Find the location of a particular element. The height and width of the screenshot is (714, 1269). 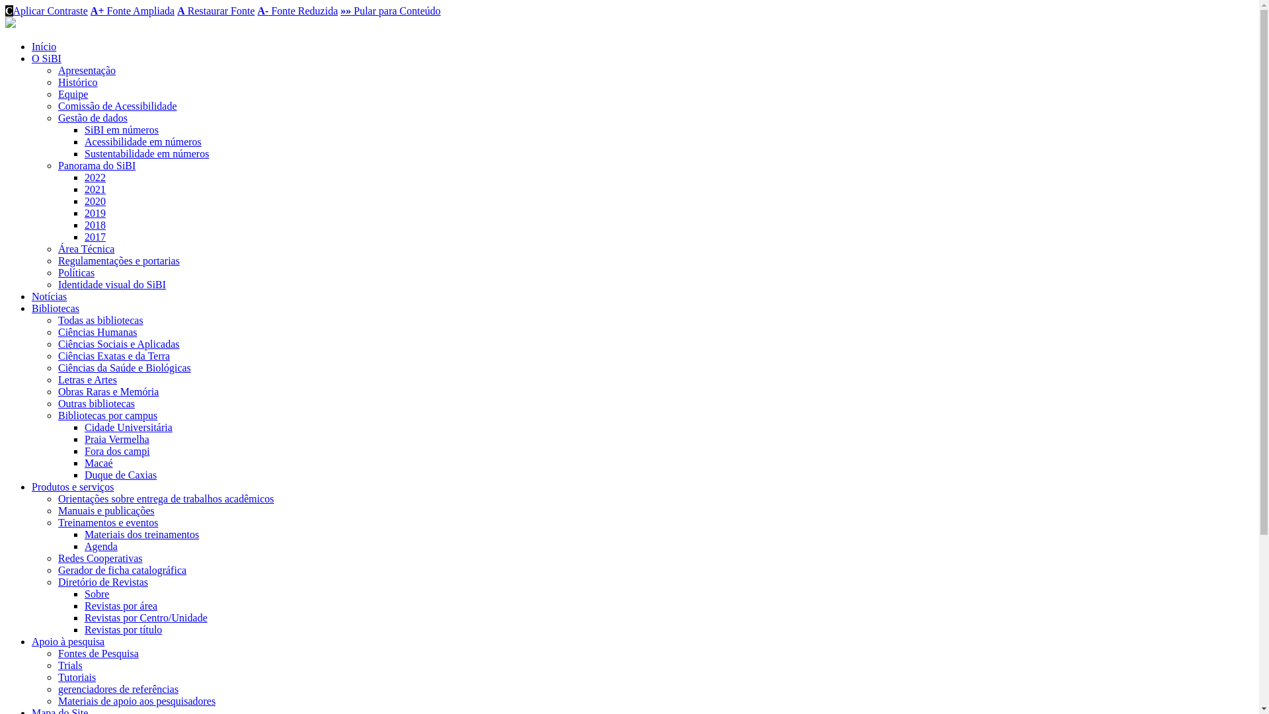

'A Restaurar Fonte' is located at coordinates (215, 11).